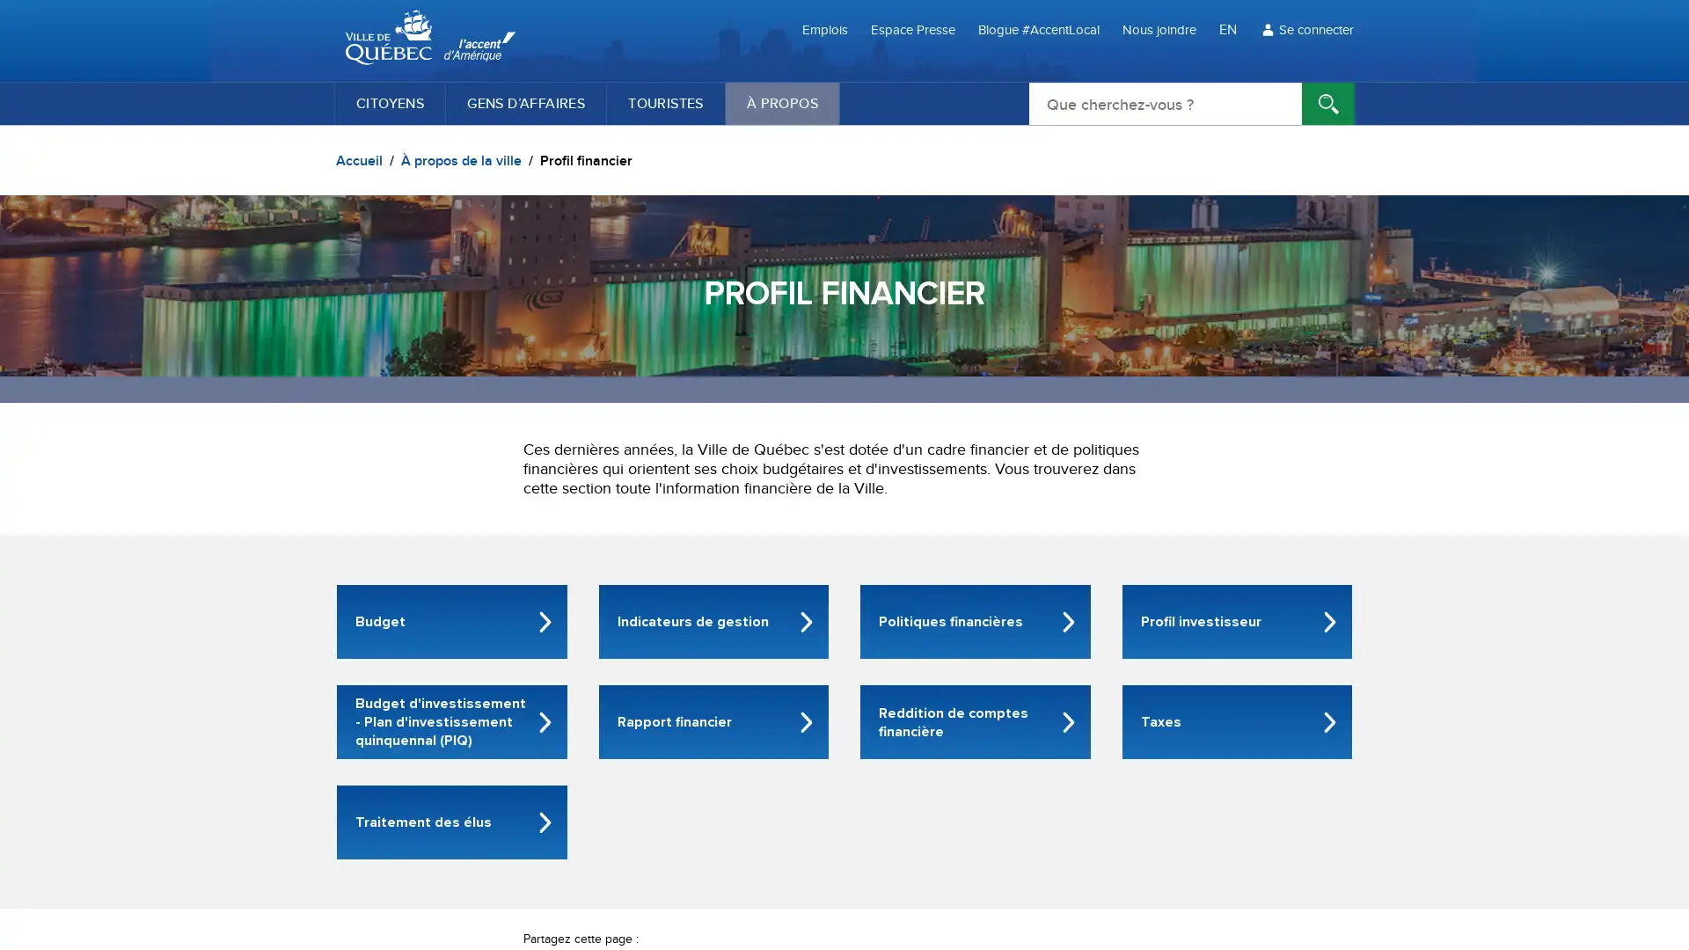  What do you see at coordinates (1328, 104) in the screenshot?
I see `Rechercher` at bounding box center [1328, 104].